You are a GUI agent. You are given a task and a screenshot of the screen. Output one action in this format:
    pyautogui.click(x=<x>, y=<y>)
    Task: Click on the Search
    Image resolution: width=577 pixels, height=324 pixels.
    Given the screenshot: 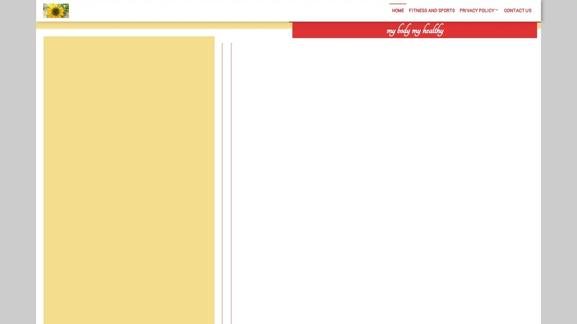 What is the action you would take?
    pyautogui.click(x=200, y=50)
    